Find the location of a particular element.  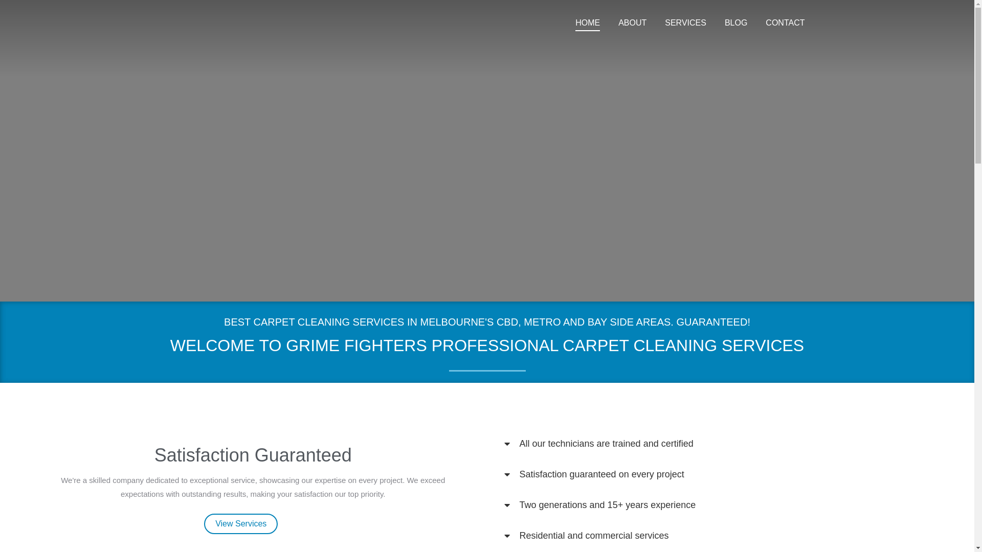

'View Services' is located at coordinates (240, 524).